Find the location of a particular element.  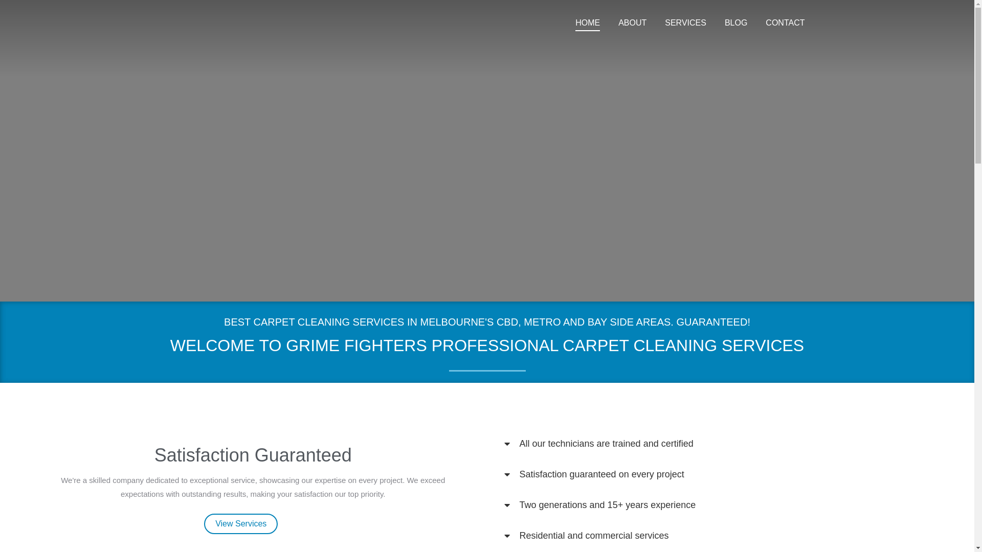

'View Services' is located at coordinates (240, 524).